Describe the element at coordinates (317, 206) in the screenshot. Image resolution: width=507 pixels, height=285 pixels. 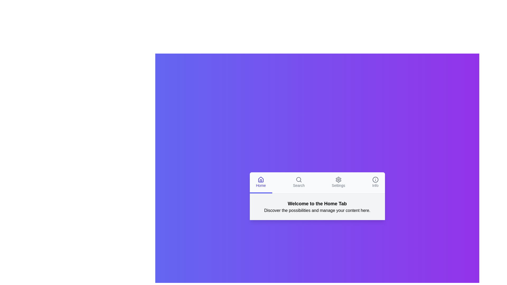
I see `the heading that reads 'Welcome to the Home Tab' which is centrally aligned and has a supporting subtitle underneath` at that location.